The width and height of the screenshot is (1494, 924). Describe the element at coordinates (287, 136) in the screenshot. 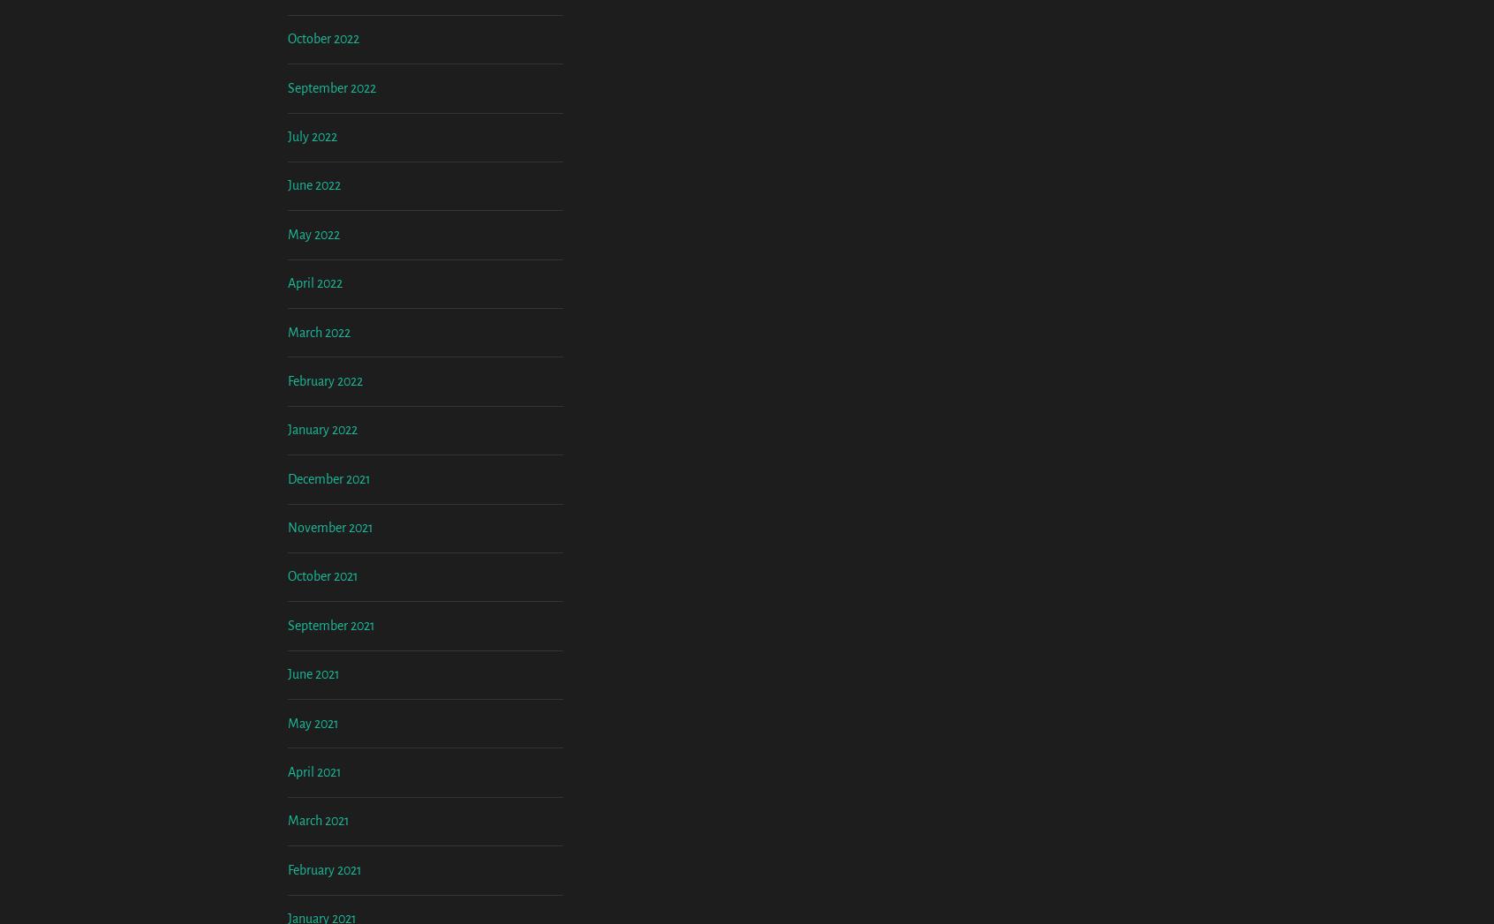

I see `'November 2022'` at that location.